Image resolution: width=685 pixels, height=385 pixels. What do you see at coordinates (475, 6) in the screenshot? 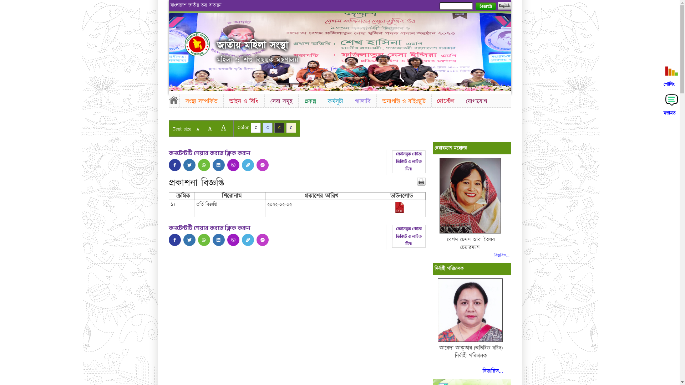
I see `'Search'` at bounding box center [475, 6].